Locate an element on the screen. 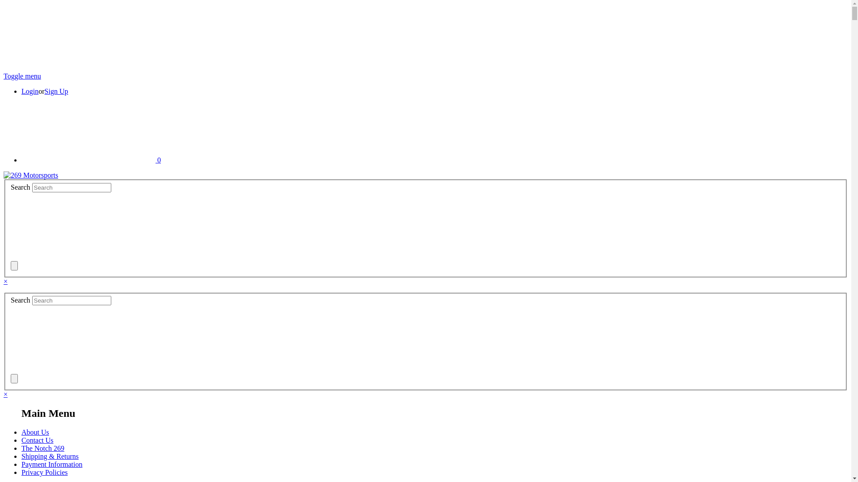 This screenshot has height=482, width=858. 'Toggle menu' is located at coordinates (22, 75).